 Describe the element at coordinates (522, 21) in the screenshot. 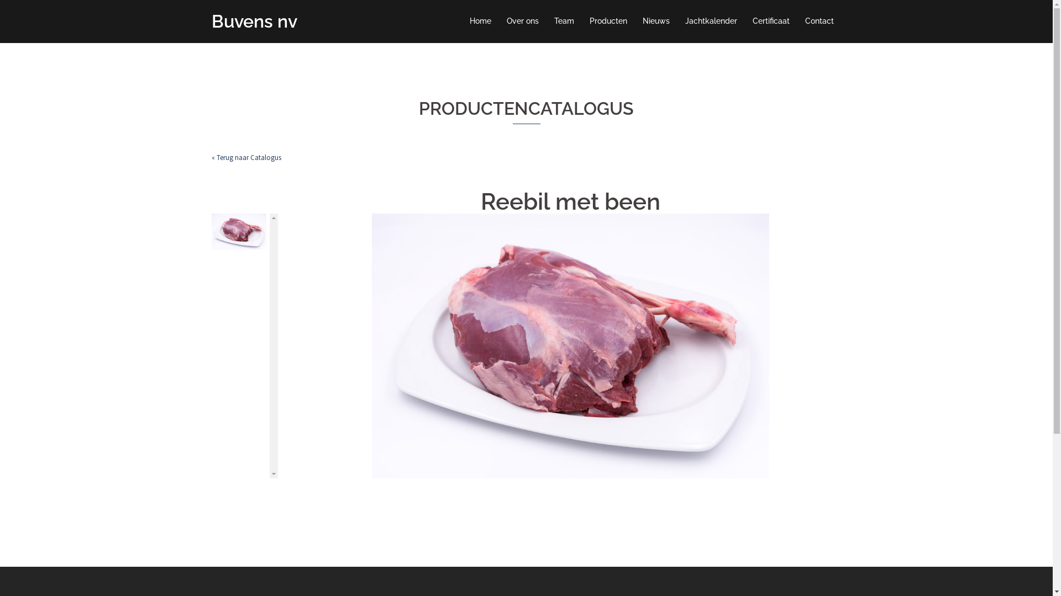

I see `'Over ons'` at that location.